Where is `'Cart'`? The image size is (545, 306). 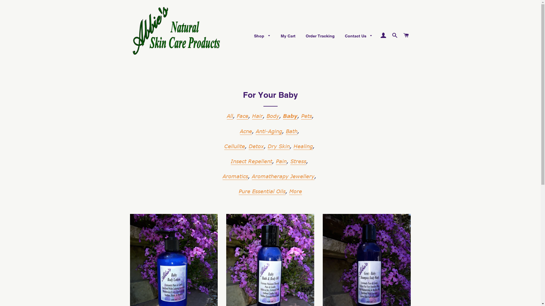
'Cart' is located at coordinates (401, 35).